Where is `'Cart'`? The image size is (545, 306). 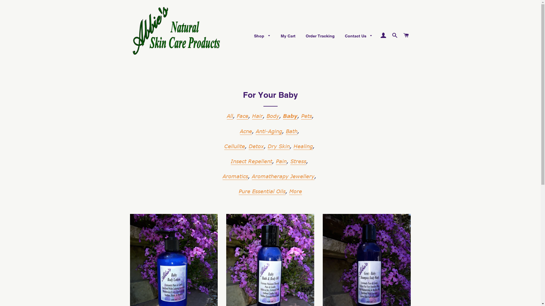
'Cart' is located at coordinates (401, 35).